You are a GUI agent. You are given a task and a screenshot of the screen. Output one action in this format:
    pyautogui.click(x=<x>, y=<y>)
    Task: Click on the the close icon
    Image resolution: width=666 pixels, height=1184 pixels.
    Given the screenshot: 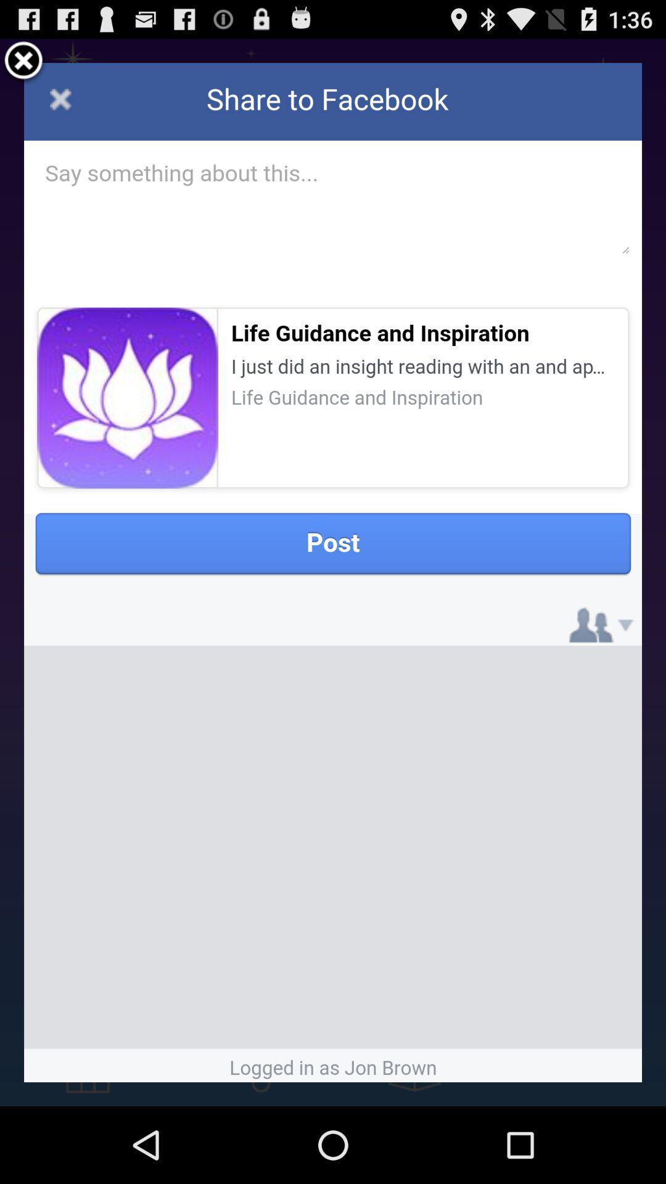 What is the action you would take?
    pyautogui.click(x=23, y=66)
    